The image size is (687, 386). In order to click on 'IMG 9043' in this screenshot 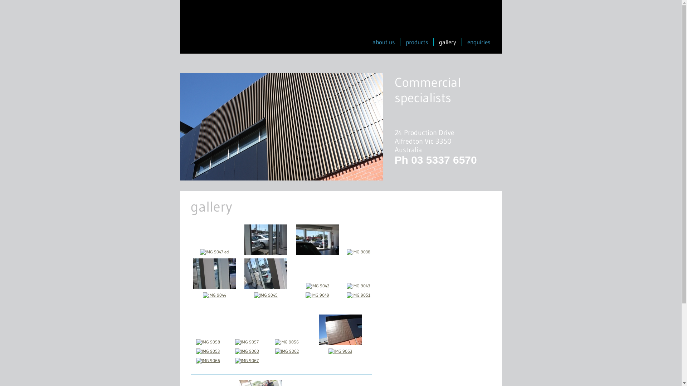, I will do `click(347, 286)`.